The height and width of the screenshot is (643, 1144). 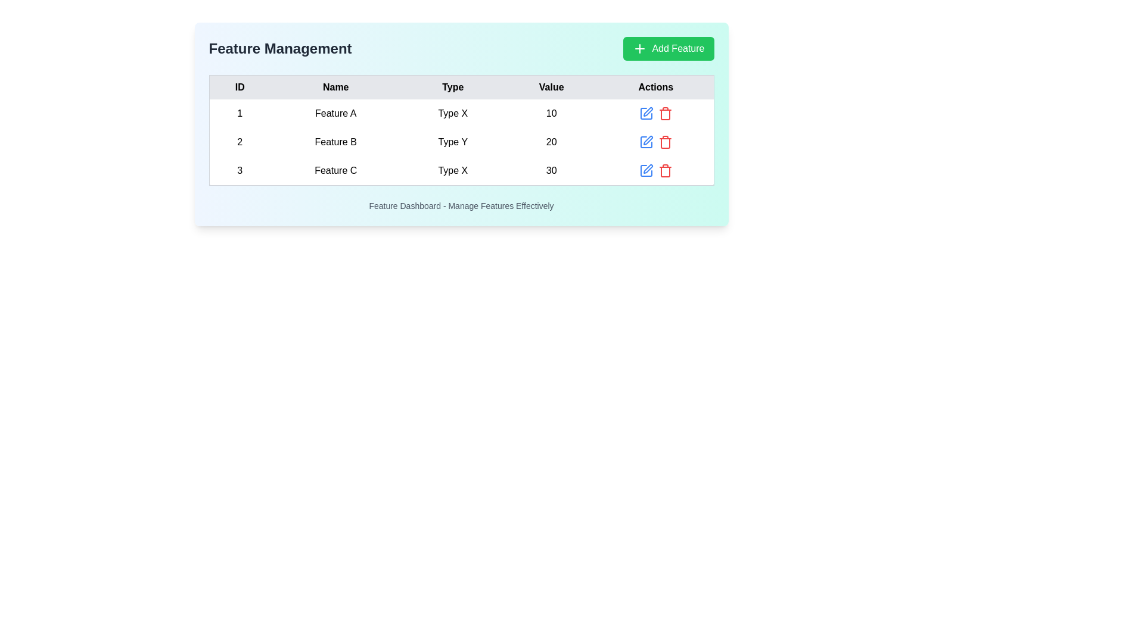 What do you see at coordinates (335, 86) in the screenshot?
I see `the 'Name' column header cell in the table, which is the second header located between 'ID' and 'Type'` at bounding box center [335, 86].